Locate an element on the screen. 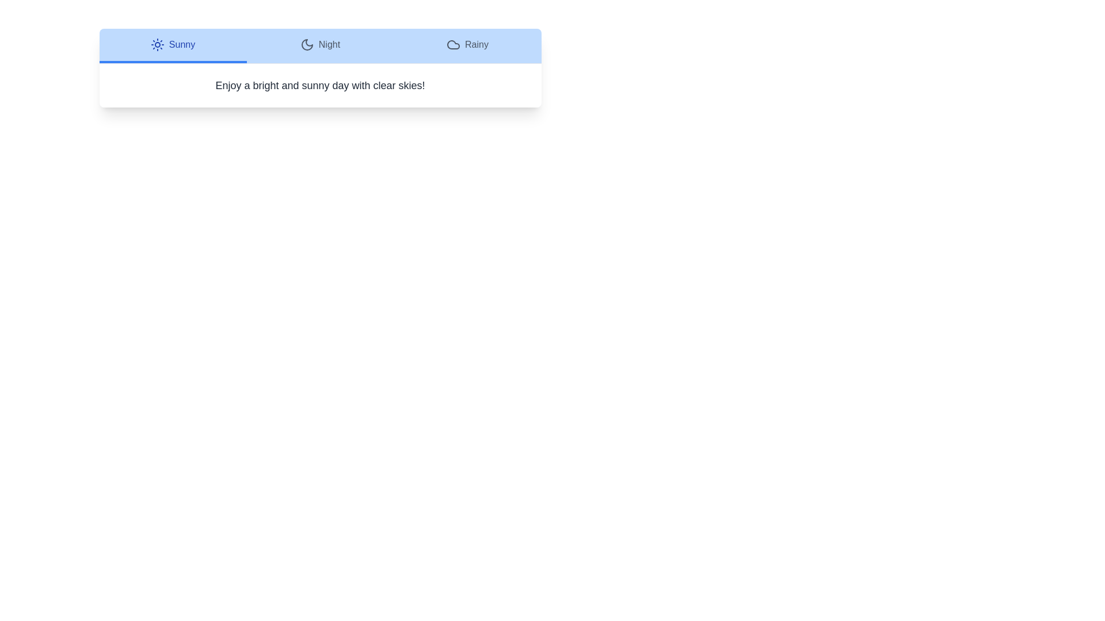 Image resolution: width=1105 pixels, height=621 pixels. the Rainy tab by clicking on its button is located at coordinates (467, 45).